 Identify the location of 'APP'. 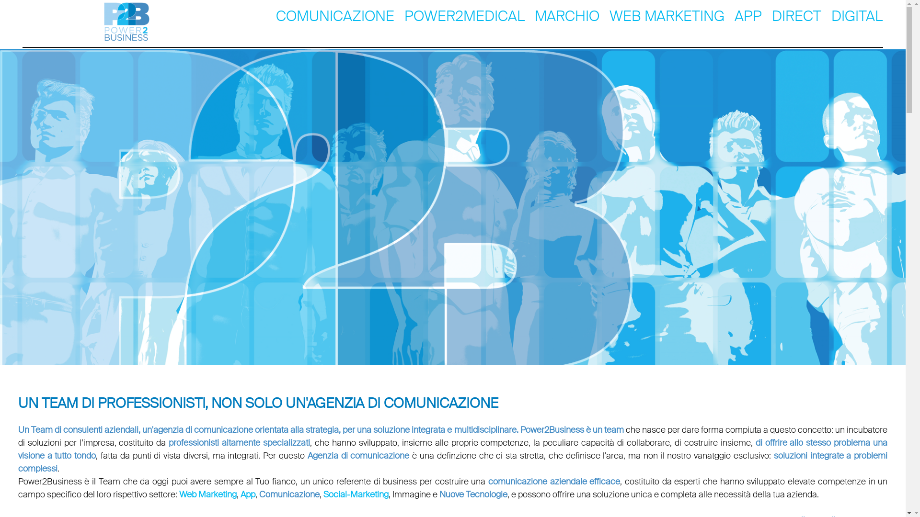
(747, 15).